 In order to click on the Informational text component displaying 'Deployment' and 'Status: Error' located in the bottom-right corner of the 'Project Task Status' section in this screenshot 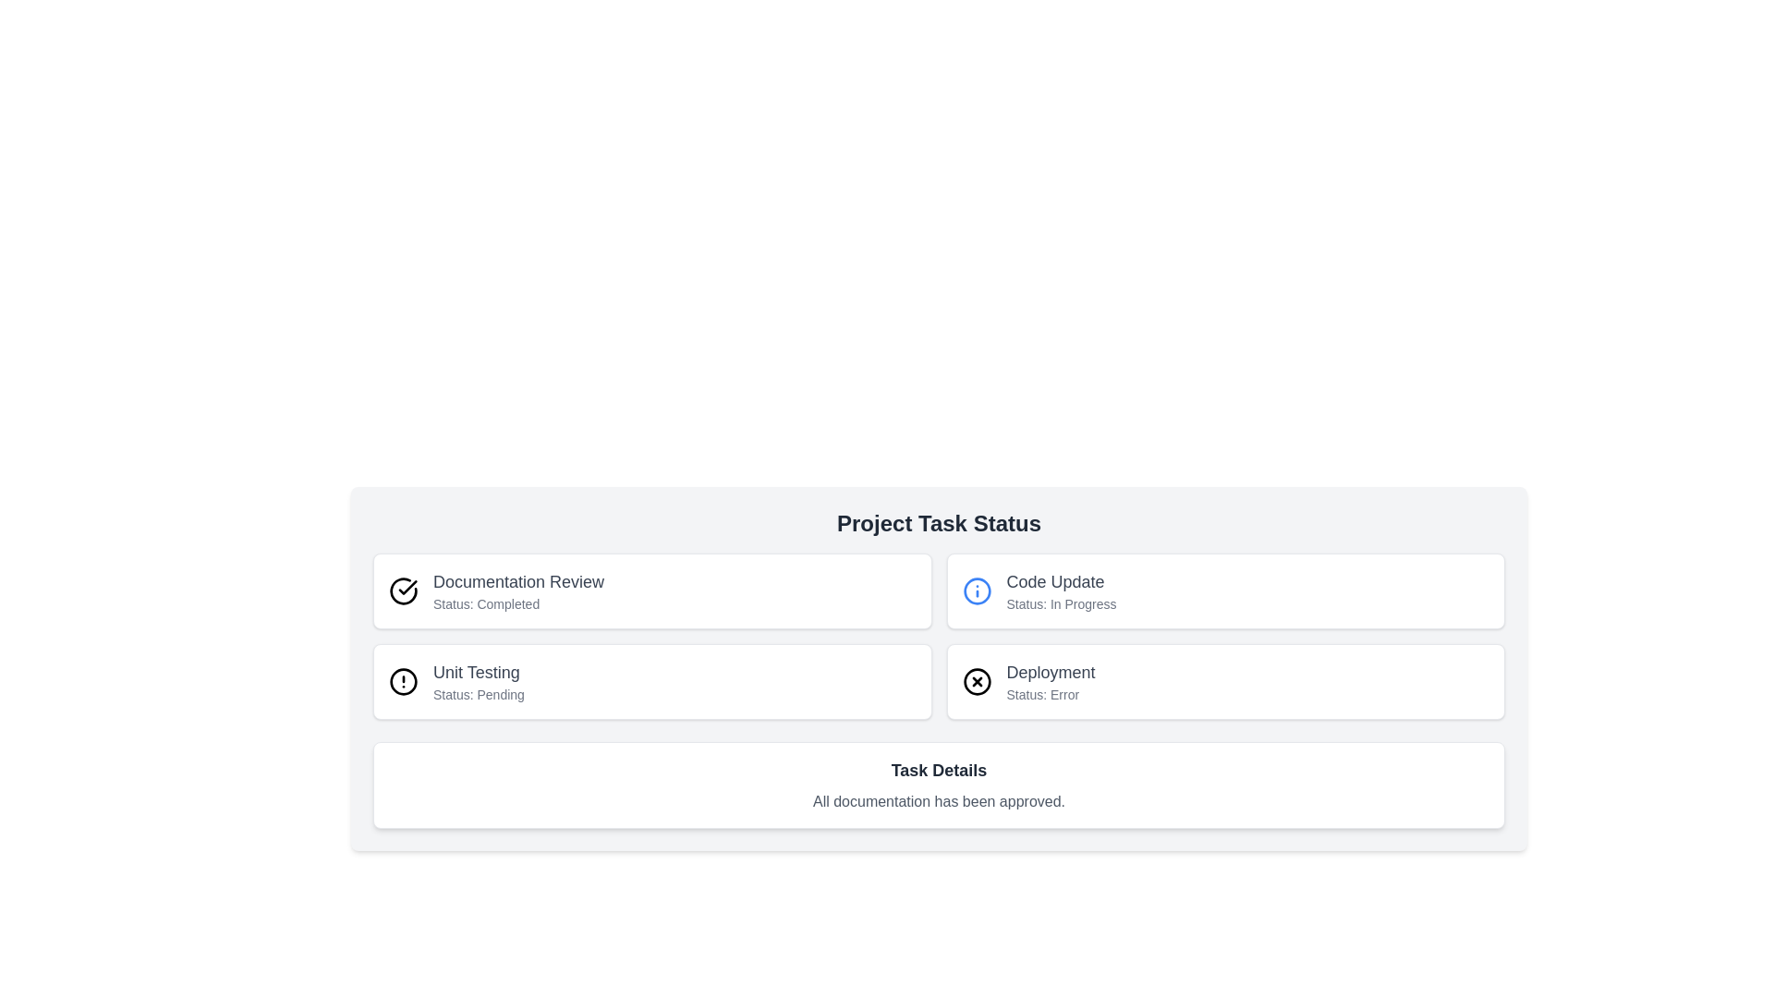, I will do `click(1051, 681)`.